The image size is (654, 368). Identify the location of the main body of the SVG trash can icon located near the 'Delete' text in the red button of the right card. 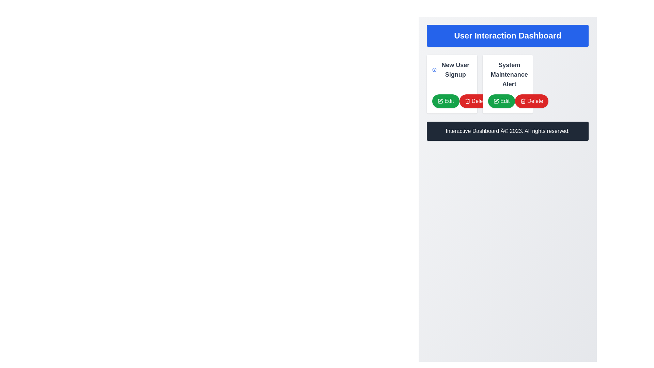
(467, 102).